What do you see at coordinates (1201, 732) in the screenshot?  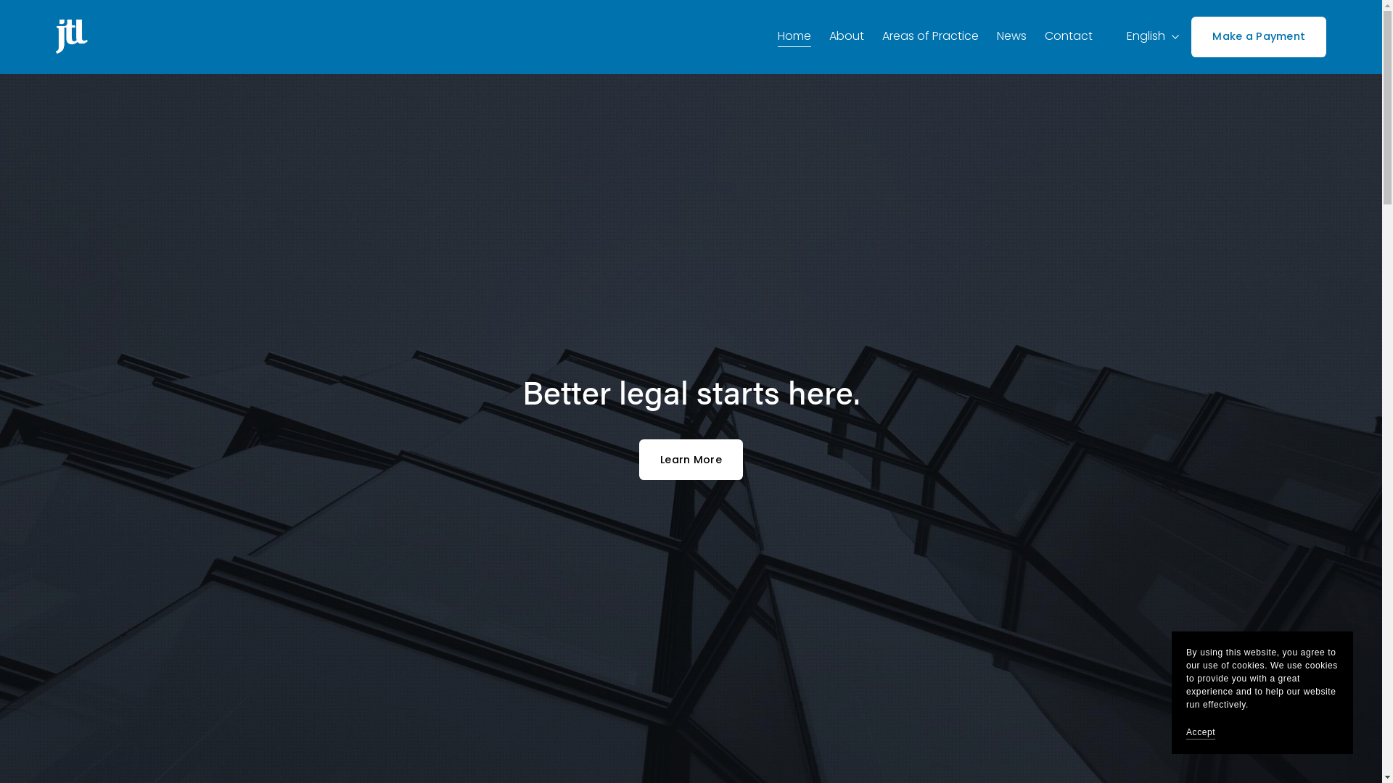 I see `'Accept'` at bounding box center [1201, 732].